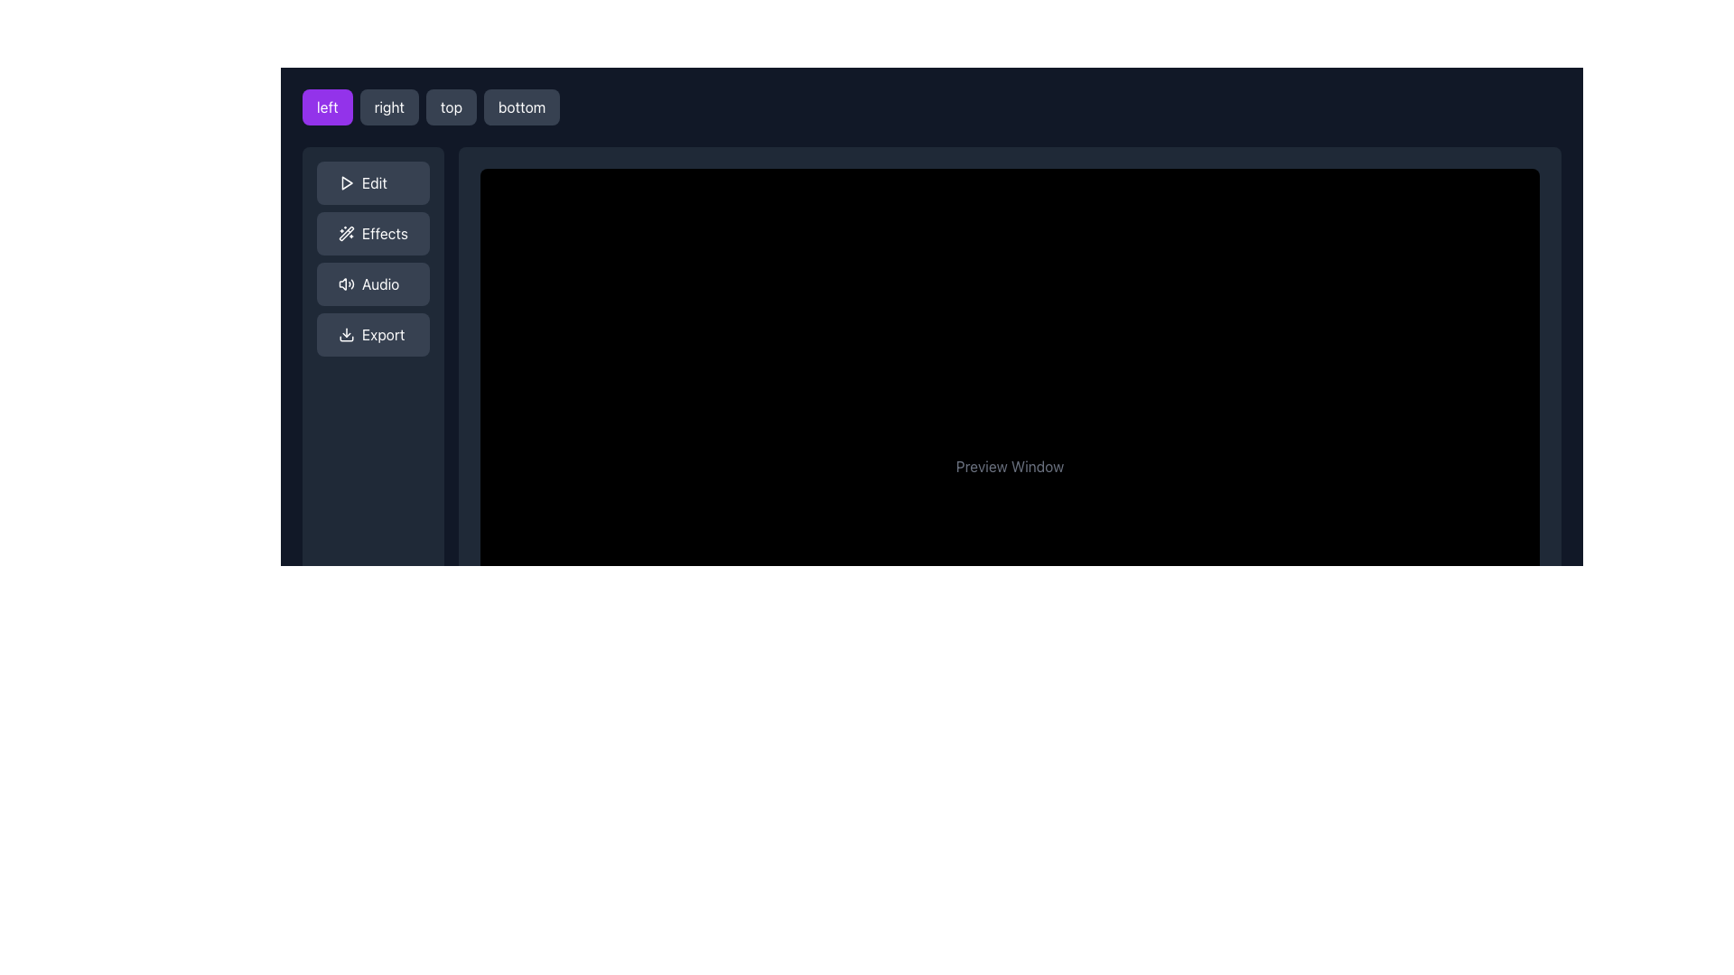  Describe the element at coordinates (372, 284) in the screenshot. I see `the 'Audio' button, which is a rounded rectangular button with a dark gray background and a white speaker icon followed by the text 'Audio'` at that location.